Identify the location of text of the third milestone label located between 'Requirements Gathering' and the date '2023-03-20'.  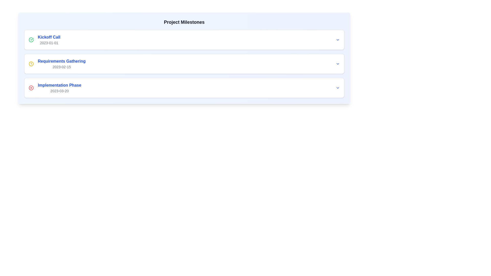
(59, 85).